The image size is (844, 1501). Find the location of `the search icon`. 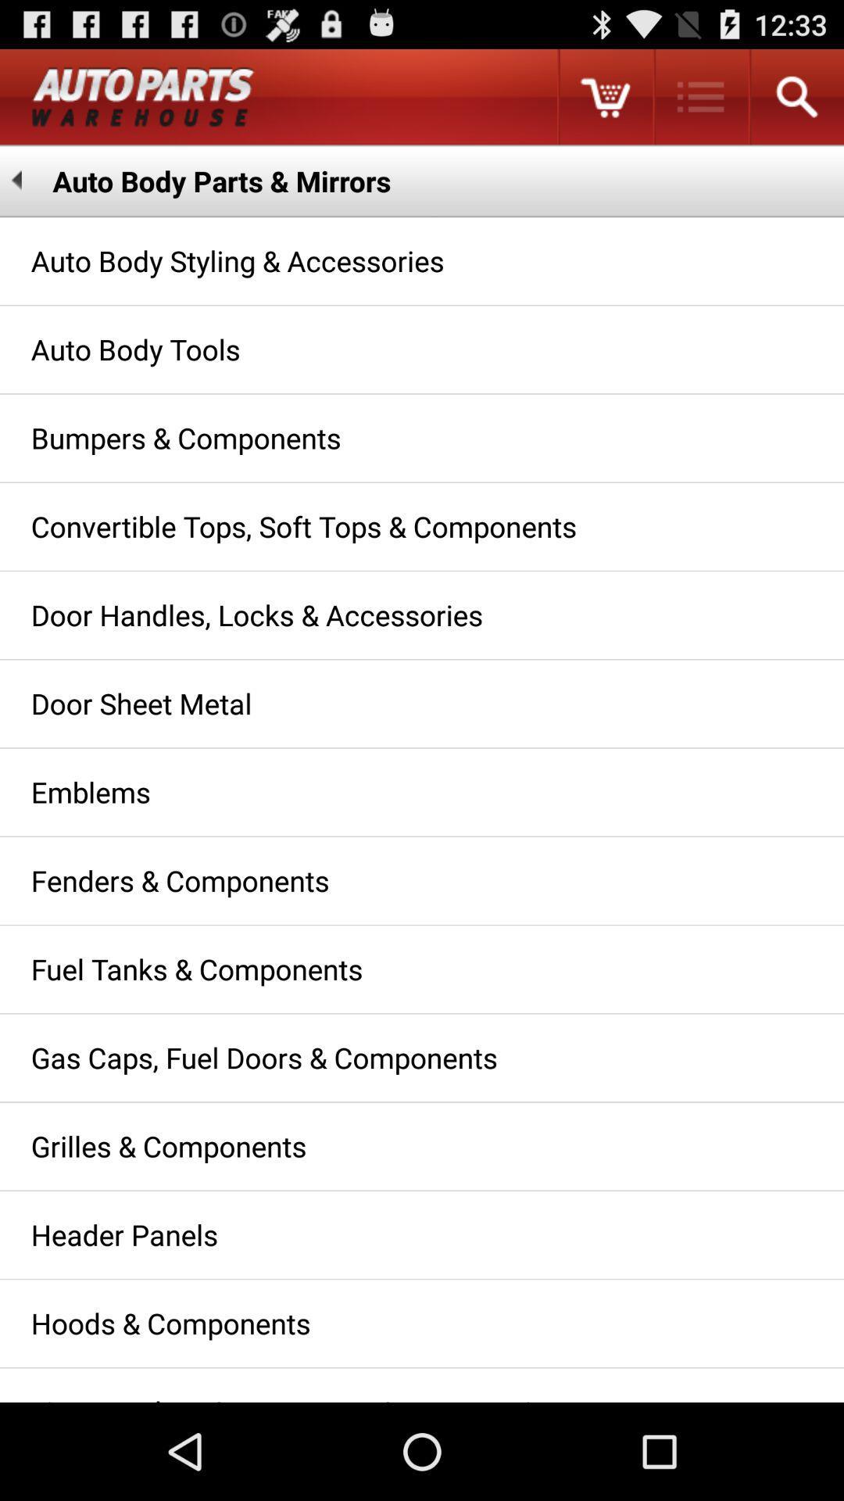

the search icon is located at coordinates (796, 102).